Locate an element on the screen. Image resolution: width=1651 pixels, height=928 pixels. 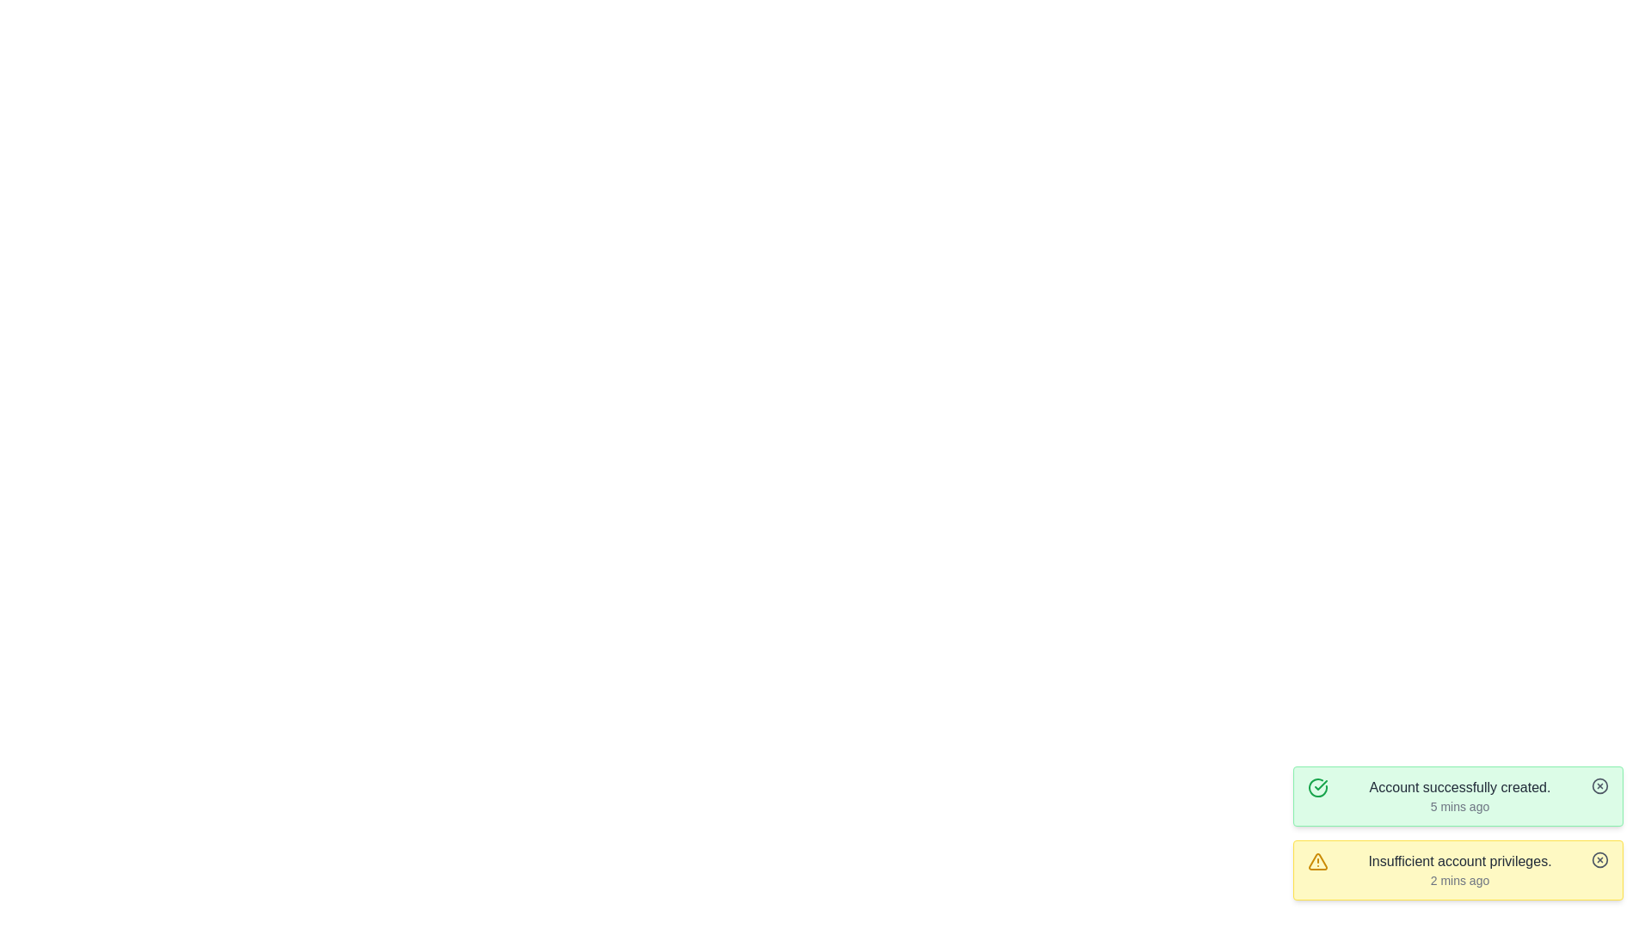
the small circular icon with a cross mark inside, located at the top-right corner of the yellow notification box is located at coordinates (1599, 860).